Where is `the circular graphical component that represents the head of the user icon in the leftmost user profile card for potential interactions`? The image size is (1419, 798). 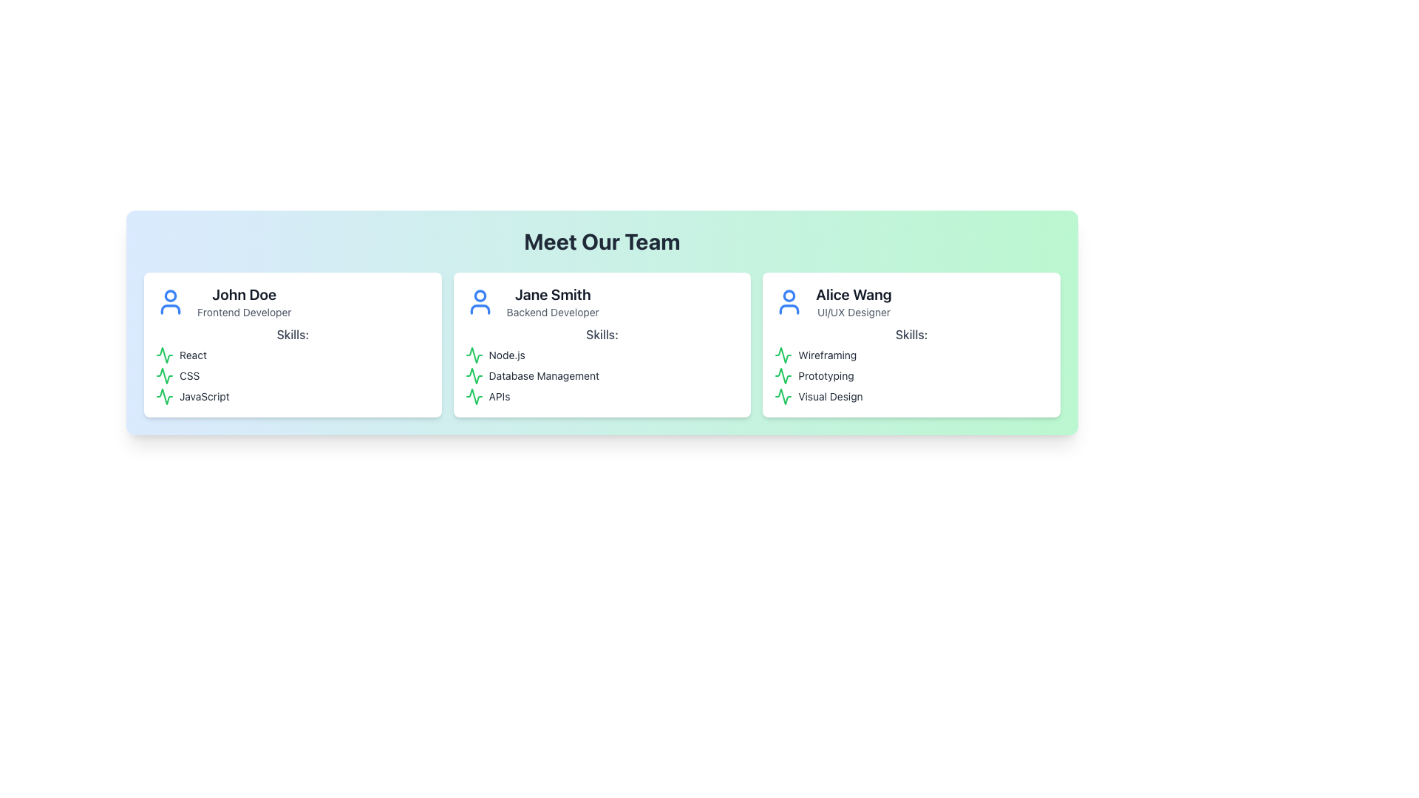 the circular graphical component that represents the head of the user icon in the leftmost user profile card for potential interactions is located at coordinates (789, 296).